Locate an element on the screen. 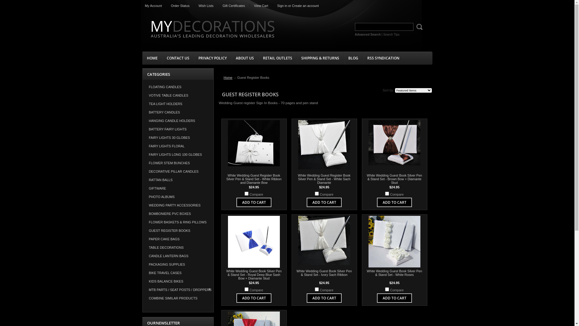 This screenshot has width=579, height=326. 'ADD TO CART' is located at coordinates (382, 202).